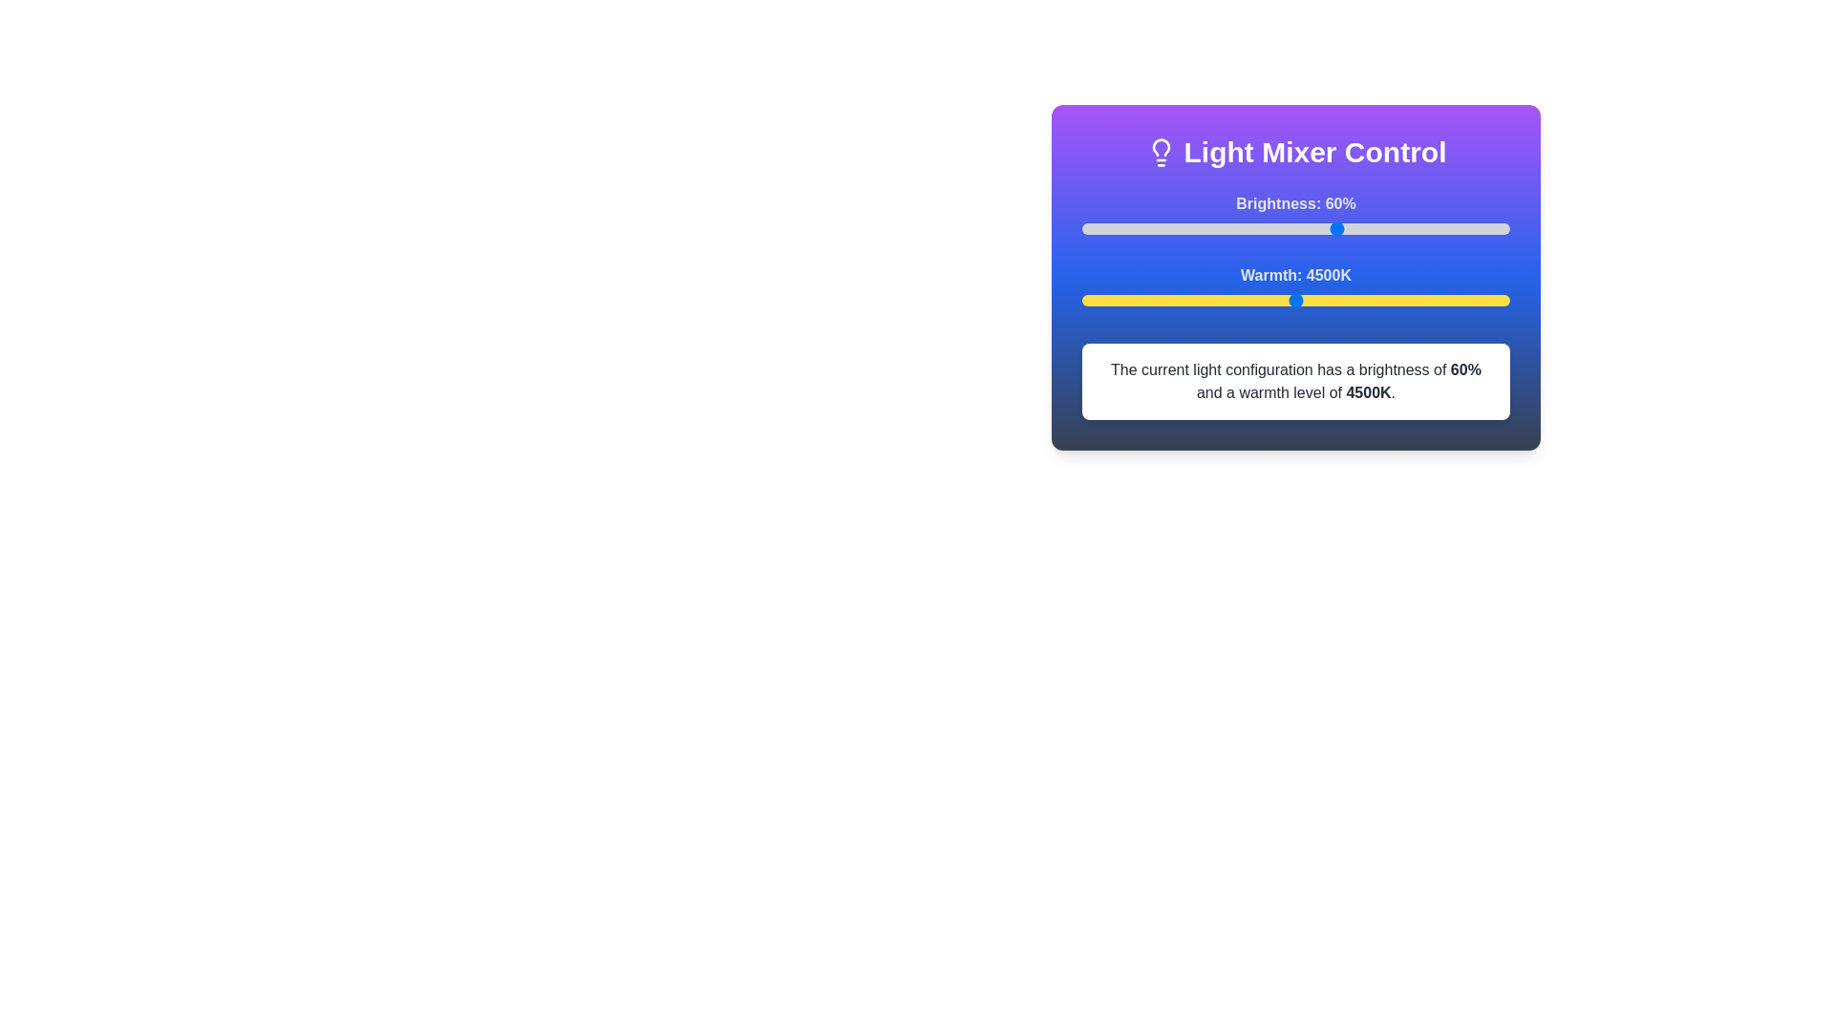 This screenshot has height=1031, width=1834. I want to click on the warmth slider to set the warmth level to 5015 K, so click(1339, 301).